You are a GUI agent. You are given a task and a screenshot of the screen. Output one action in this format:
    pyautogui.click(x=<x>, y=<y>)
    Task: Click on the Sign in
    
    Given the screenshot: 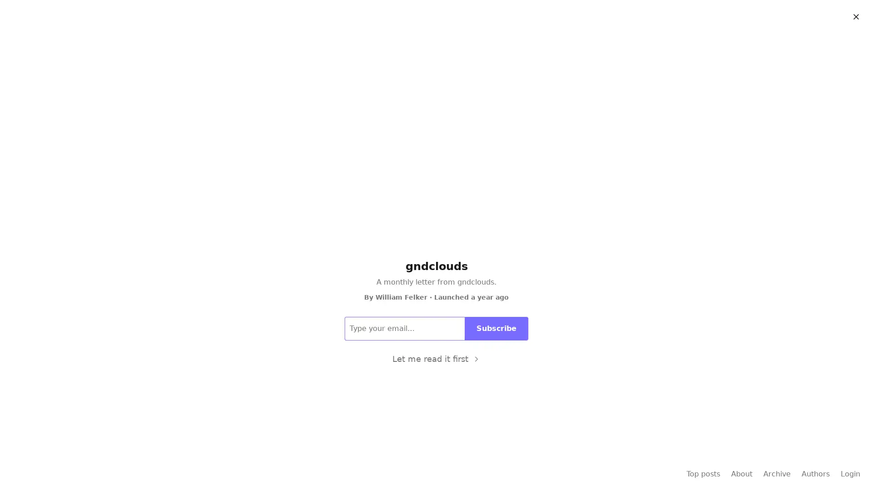 What is the action you would take?
    pyautogui.click(x=848, y=14)
    